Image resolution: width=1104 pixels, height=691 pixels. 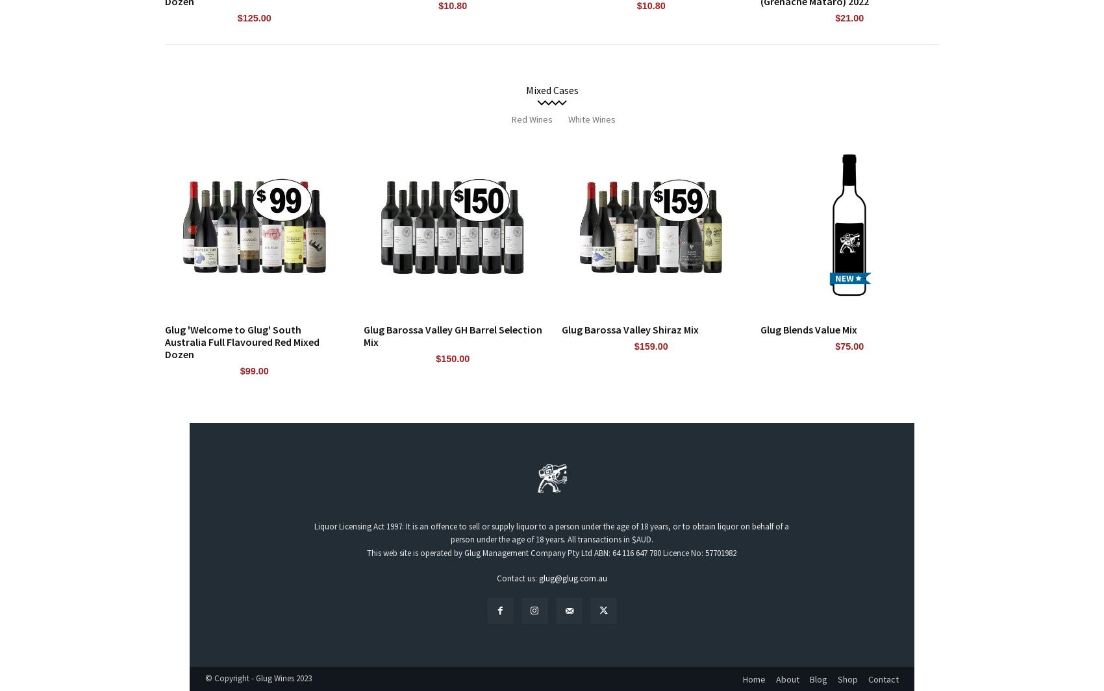 I want to click on '© Copyright - Glug Wines 2023', so click(x=257, y=678).